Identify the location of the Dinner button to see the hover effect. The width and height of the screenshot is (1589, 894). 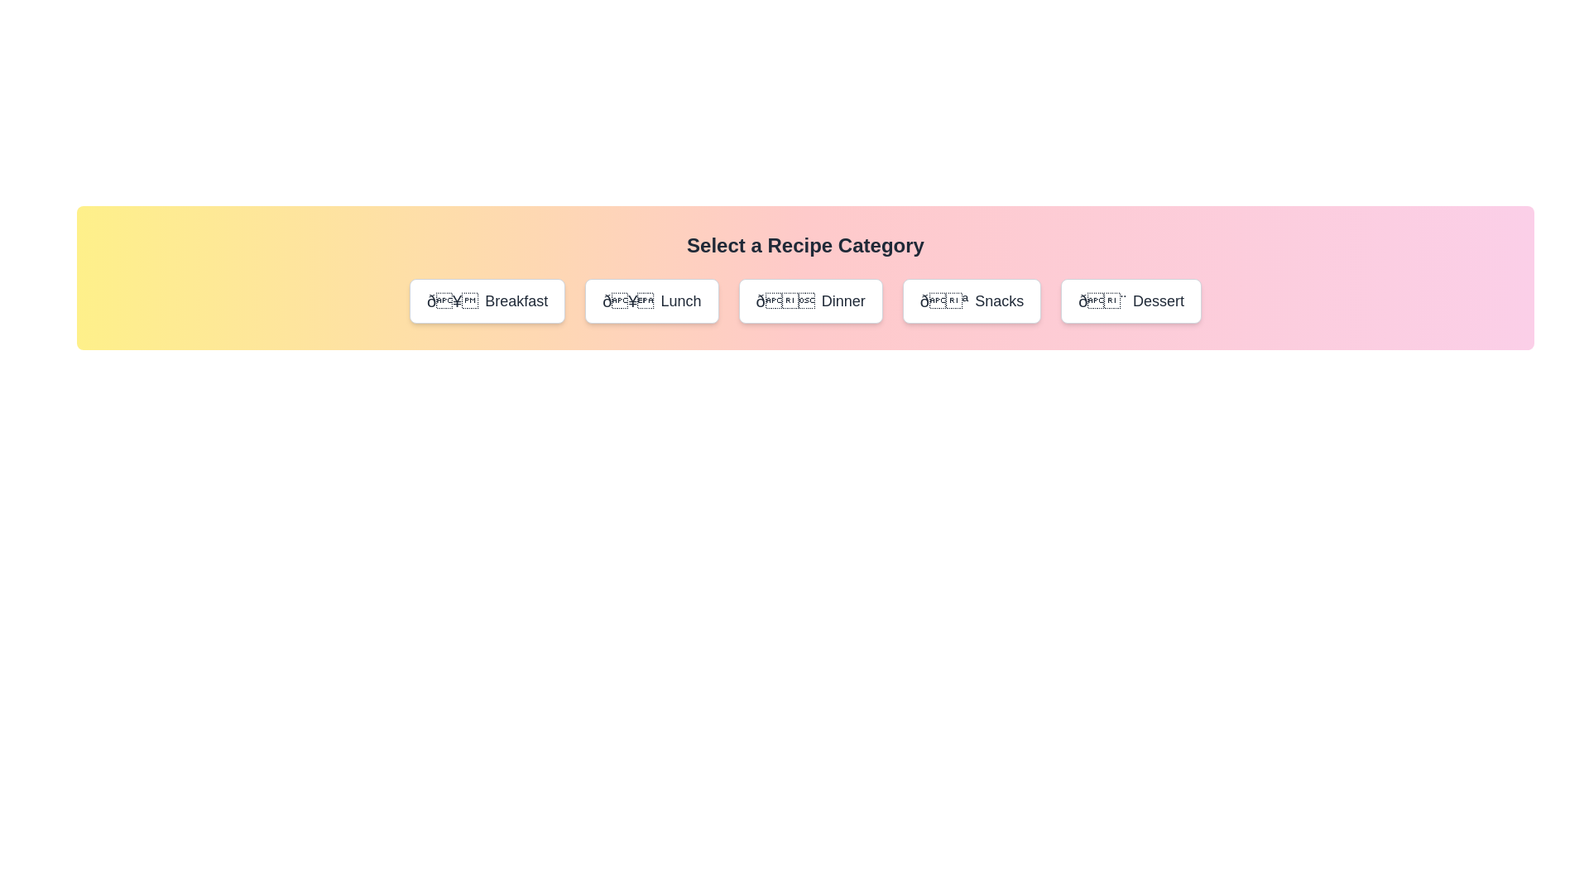
(810, 300).